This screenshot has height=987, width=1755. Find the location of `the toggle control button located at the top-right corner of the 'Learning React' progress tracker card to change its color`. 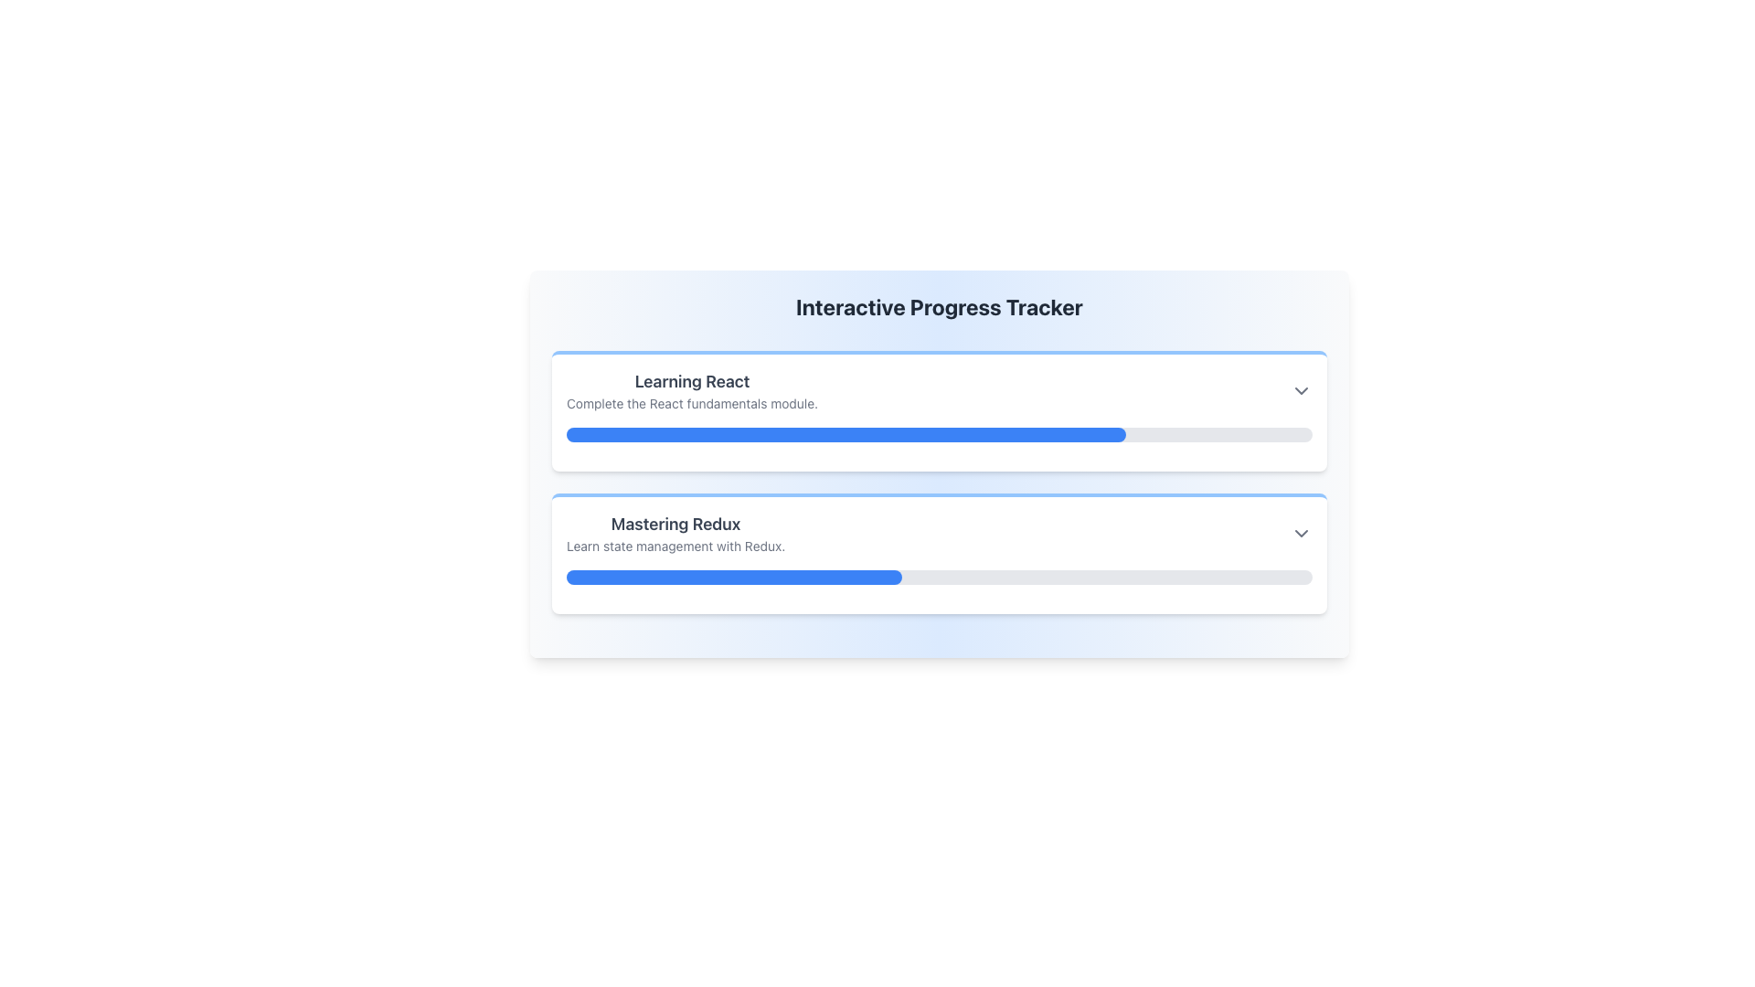

the toggle control button located at the top-right corner of the 'Learning React' progress tracker card to change its color is located at coordinates (1301, 390).